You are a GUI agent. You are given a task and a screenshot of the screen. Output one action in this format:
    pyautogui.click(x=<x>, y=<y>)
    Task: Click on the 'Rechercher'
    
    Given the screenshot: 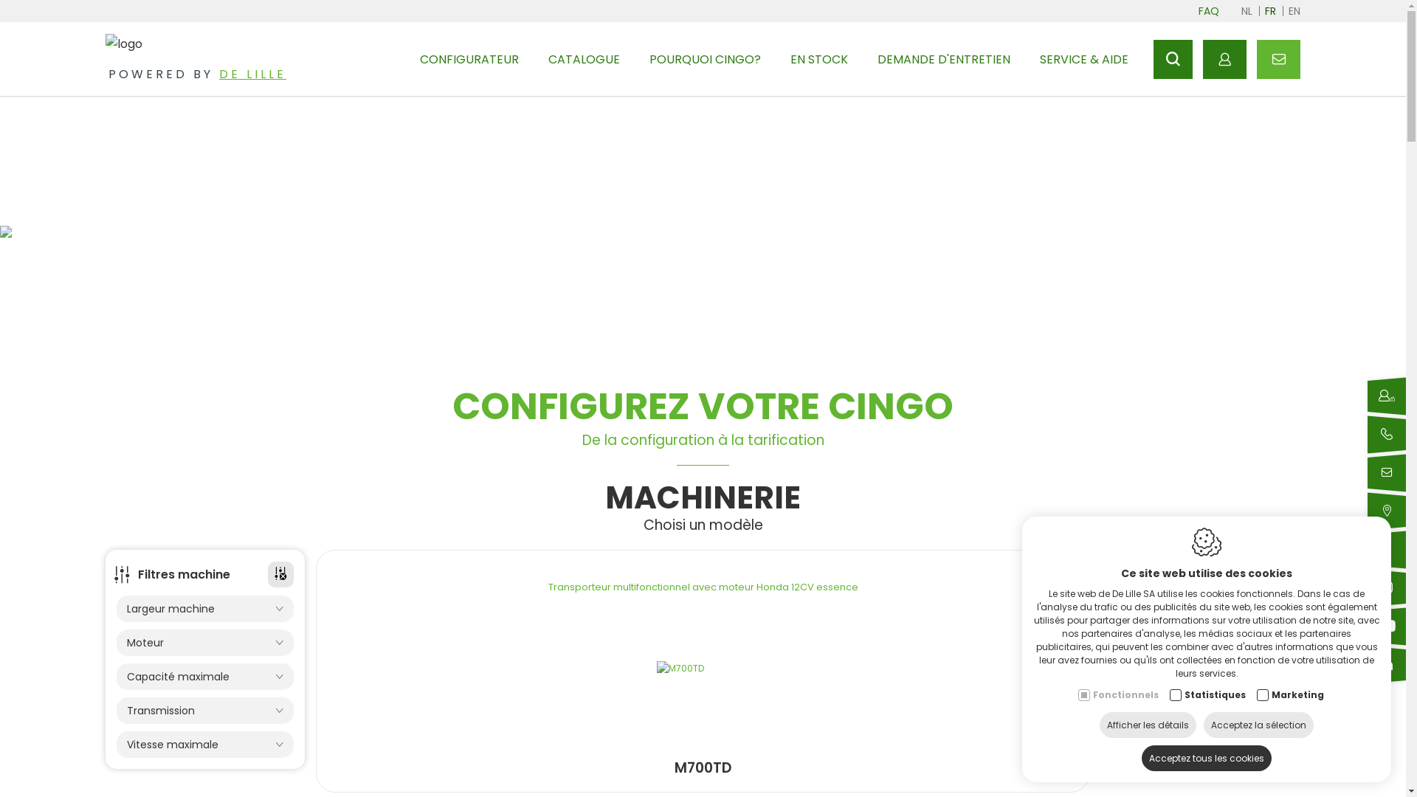 What is the action you would take?
    pyautogui.click(x=1172, y=58)
    